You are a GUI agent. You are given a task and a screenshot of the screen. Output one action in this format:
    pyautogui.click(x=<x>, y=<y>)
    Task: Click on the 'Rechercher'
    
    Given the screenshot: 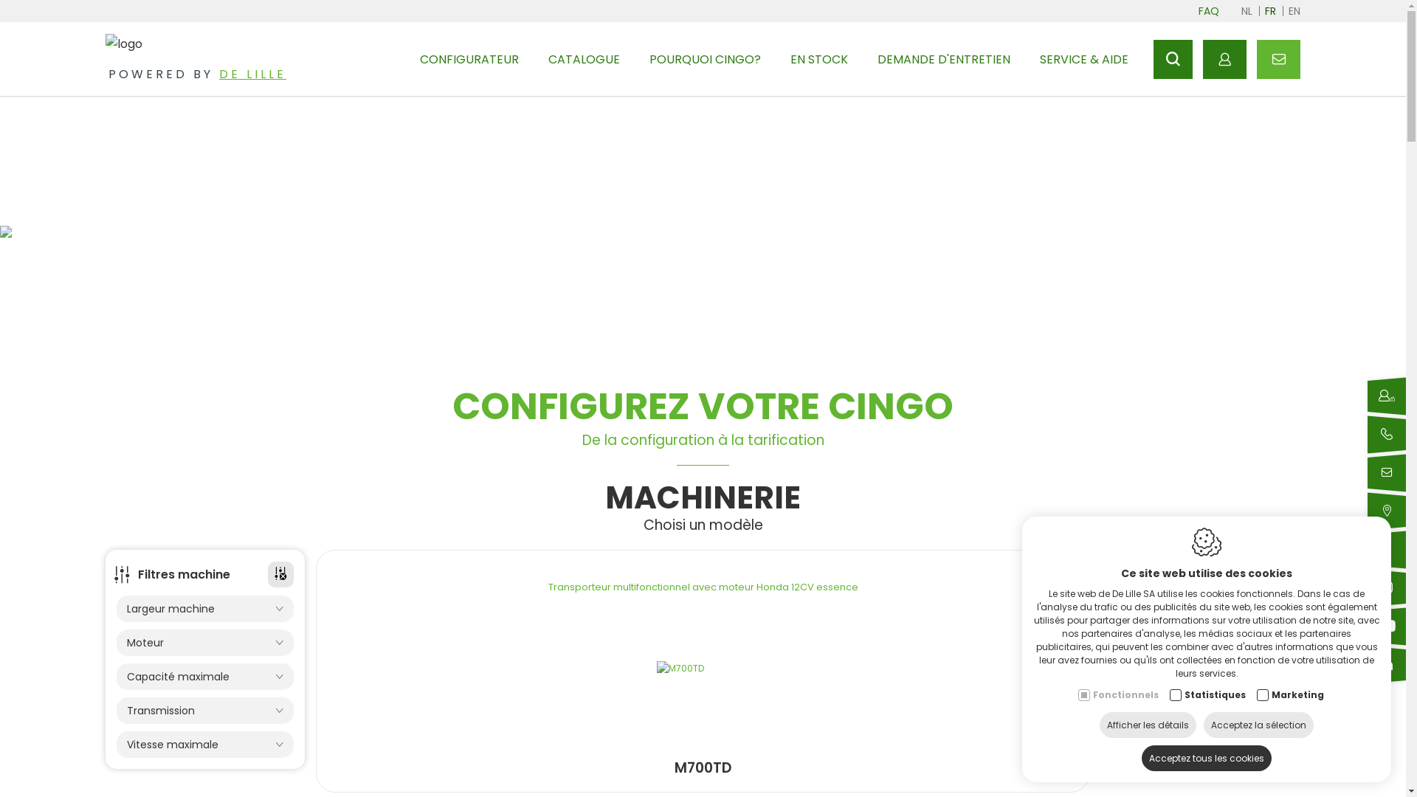 What is the action you would take?
    pyautogui.click(x=1172, y=58)
    